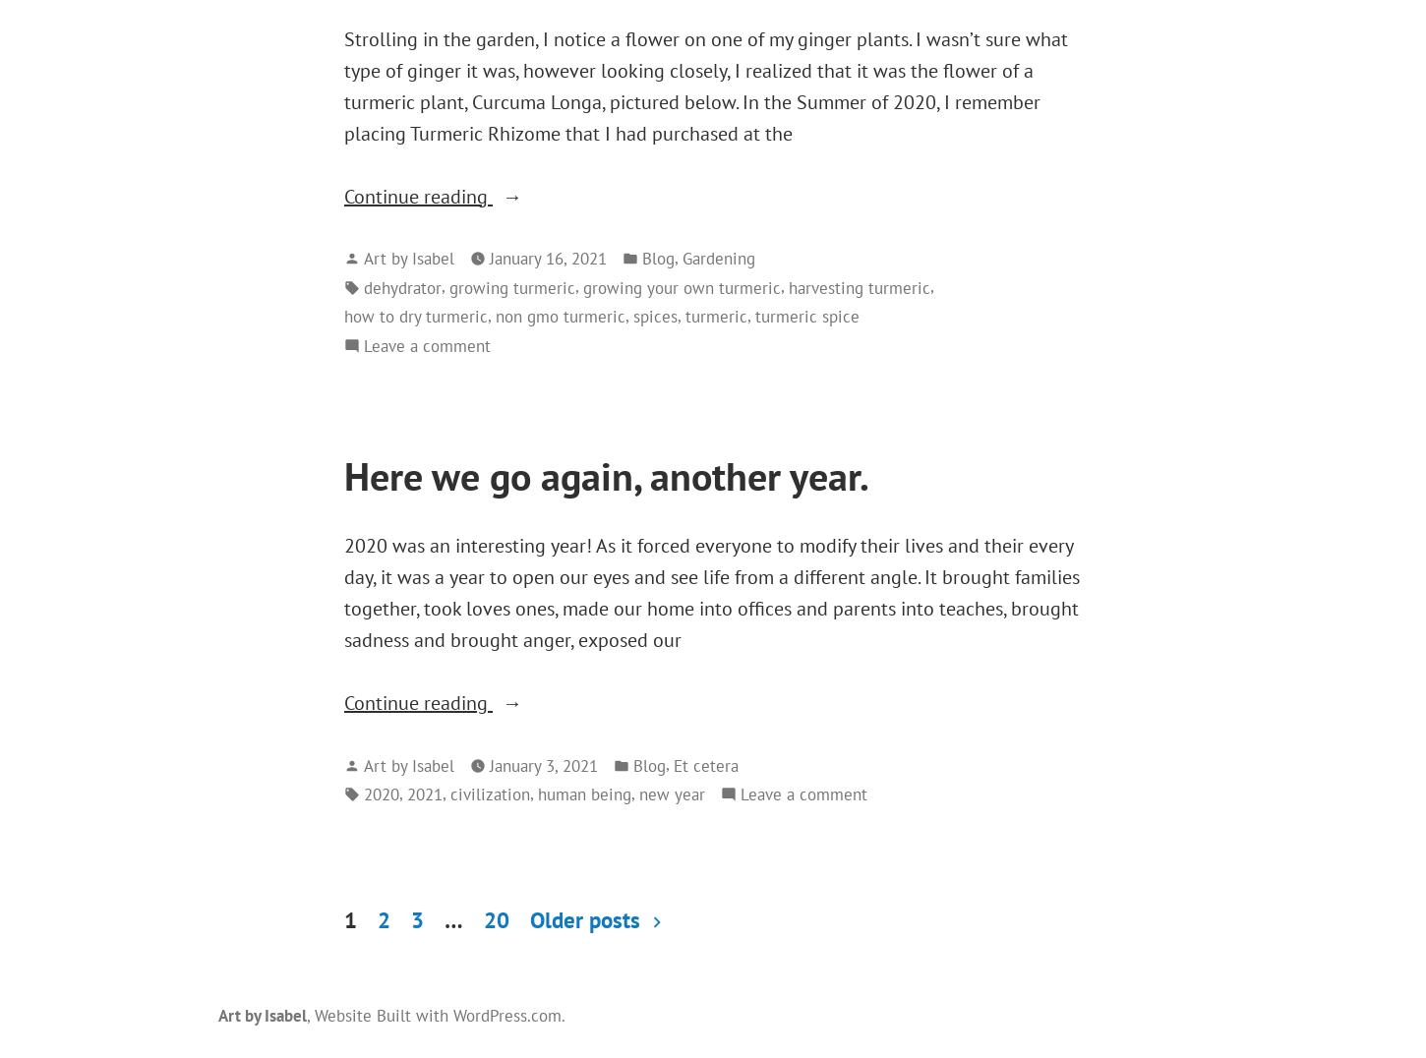 This screenshot has height=1058, width=1426. I want to click on '2021', so click(405, 793).